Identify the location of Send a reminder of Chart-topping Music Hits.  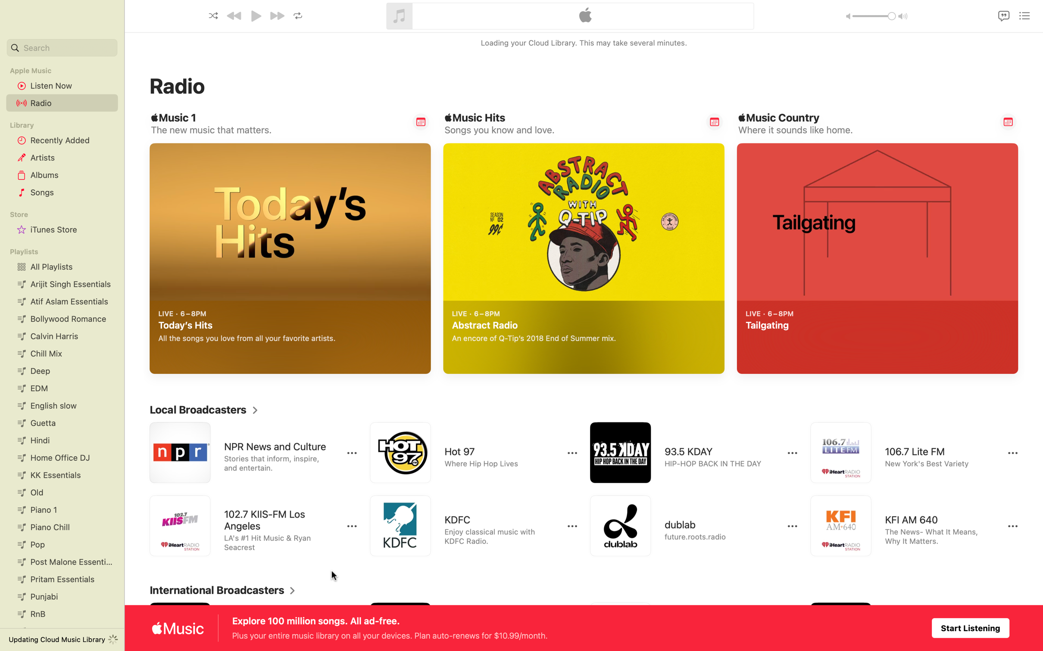
(713, 122).